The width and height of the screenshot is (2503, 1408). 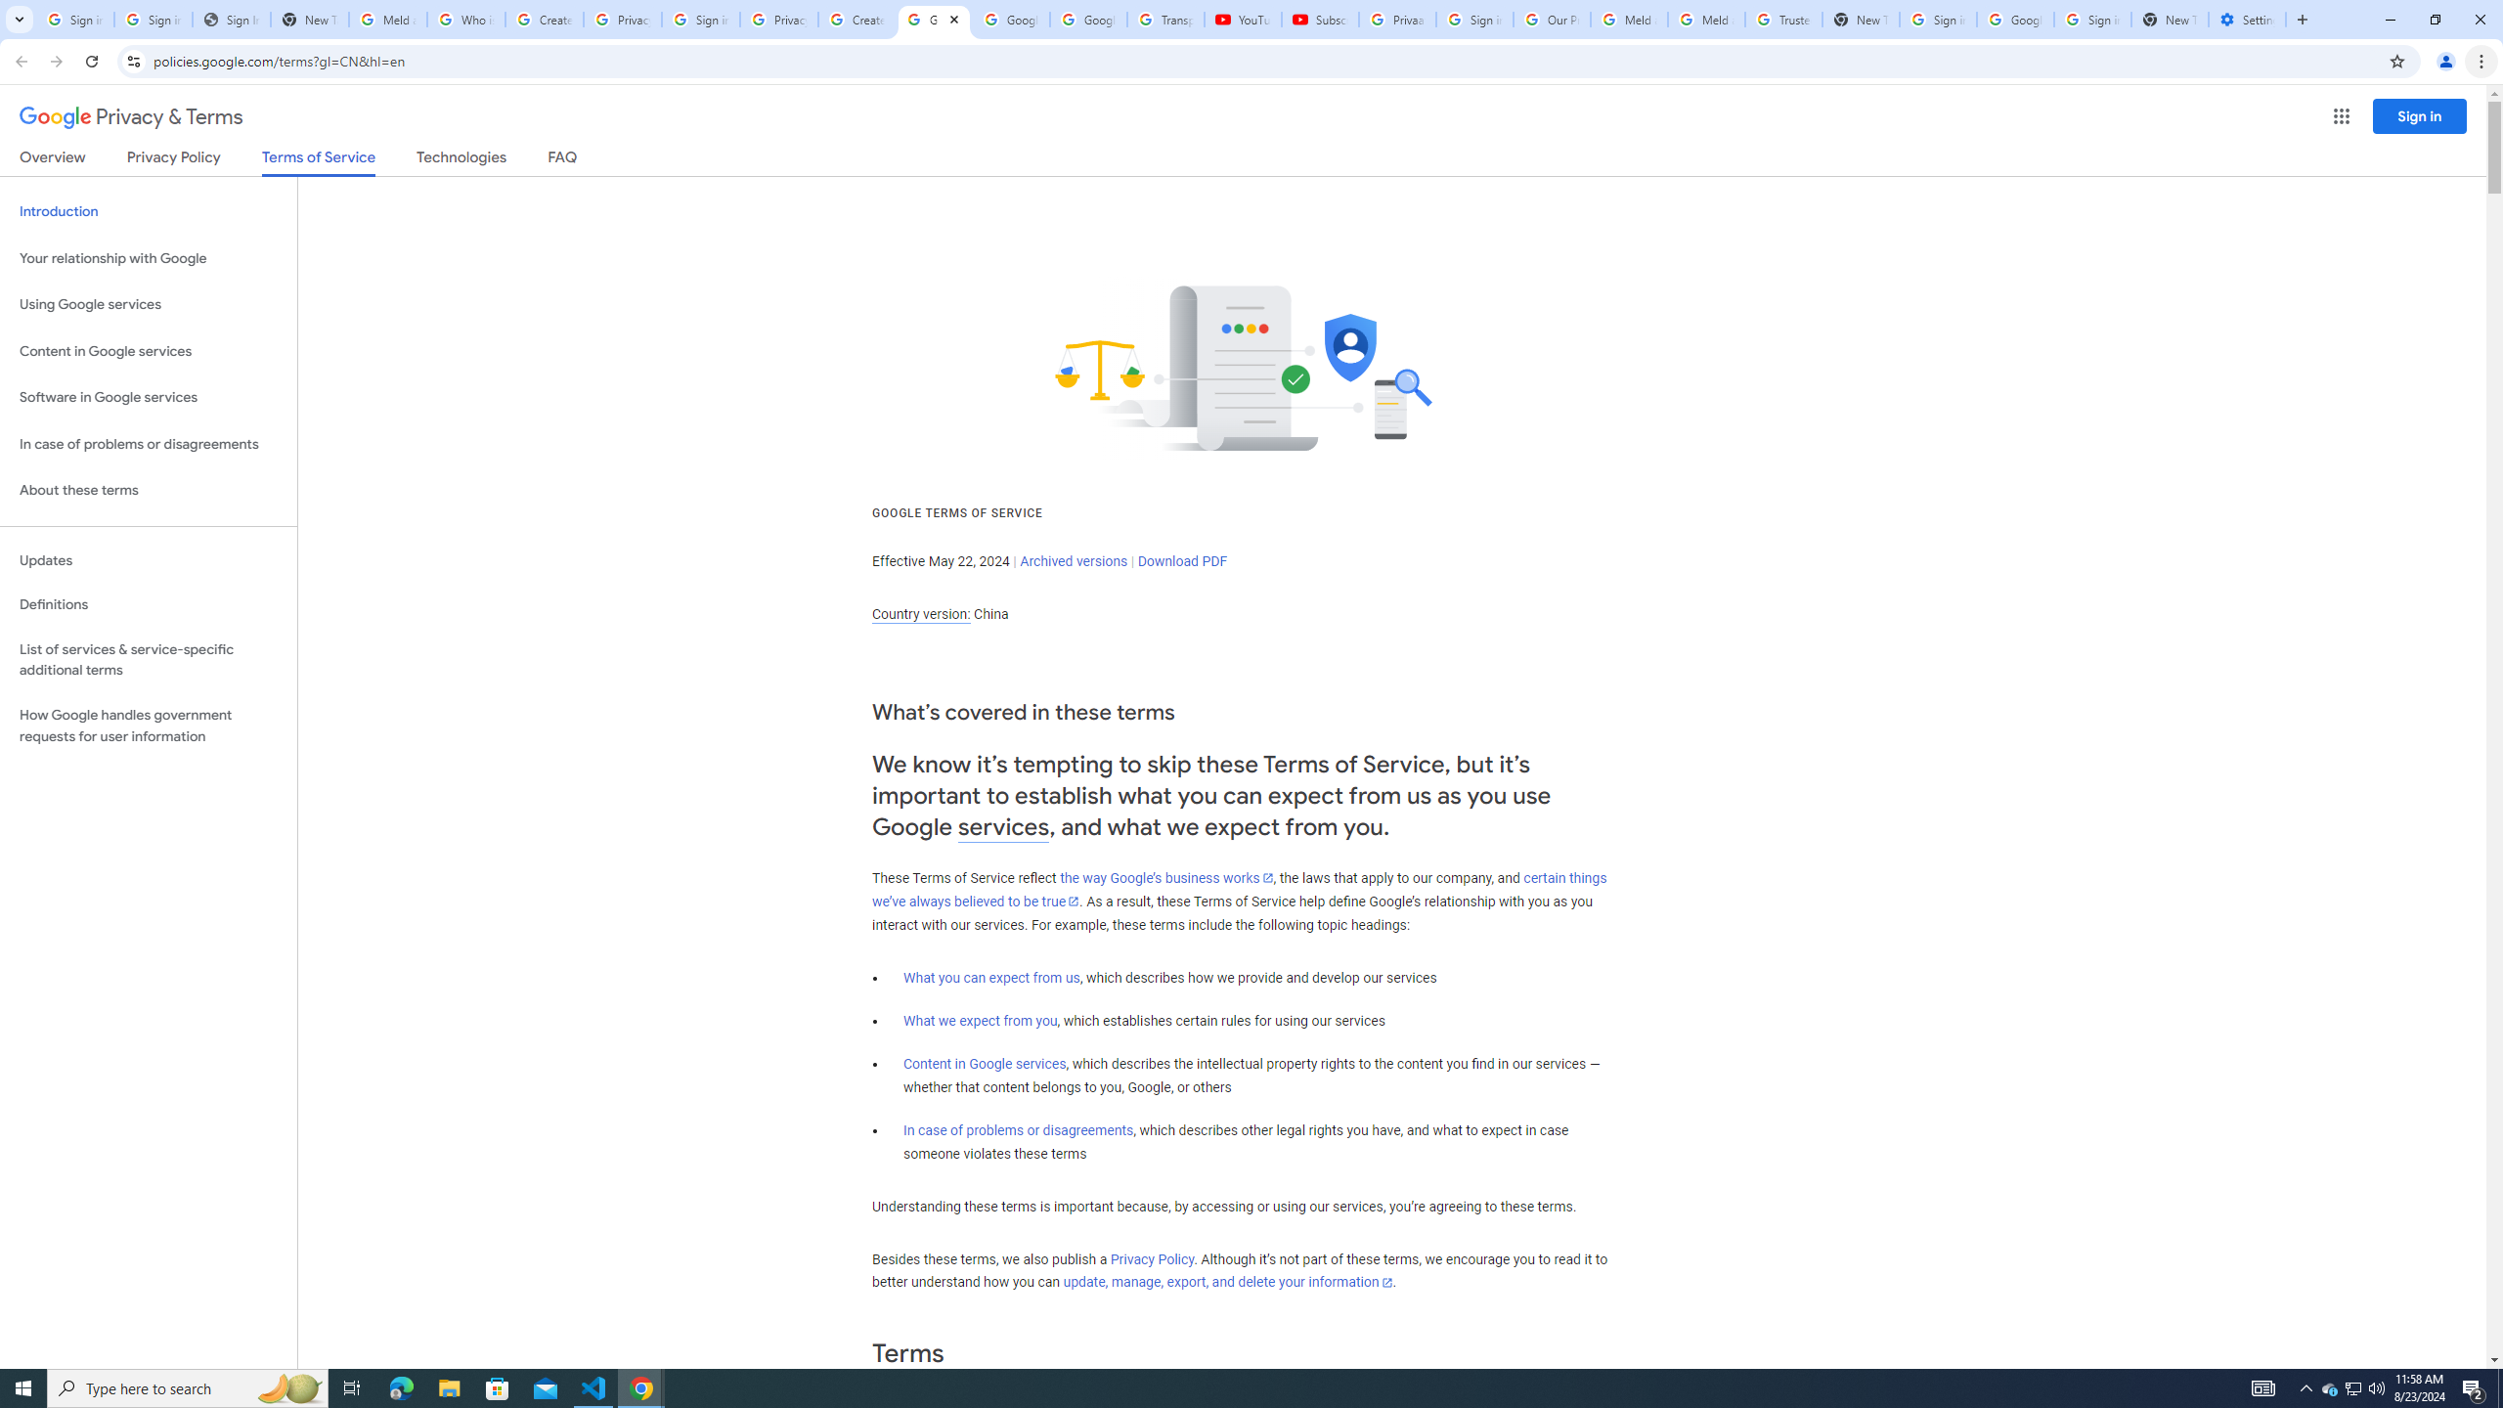 I want to click on 'Content in Google services', so click(x=984, y=1063).